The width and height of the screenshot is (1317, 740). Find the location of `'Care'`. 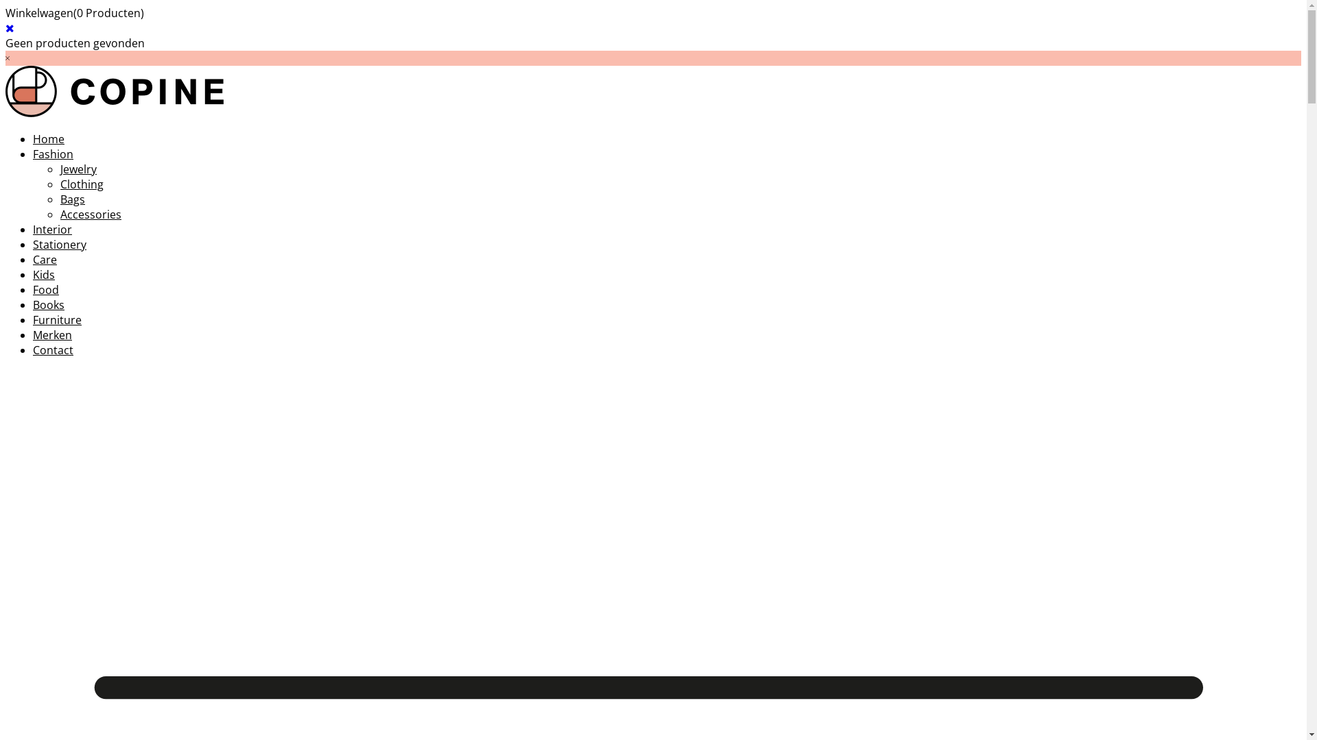

'Care' is located at coordinates (45, 259).